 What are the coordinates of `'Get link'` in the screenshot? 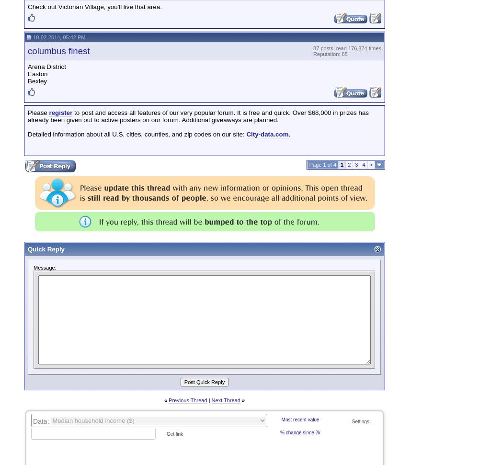 It's located at (174, 434).